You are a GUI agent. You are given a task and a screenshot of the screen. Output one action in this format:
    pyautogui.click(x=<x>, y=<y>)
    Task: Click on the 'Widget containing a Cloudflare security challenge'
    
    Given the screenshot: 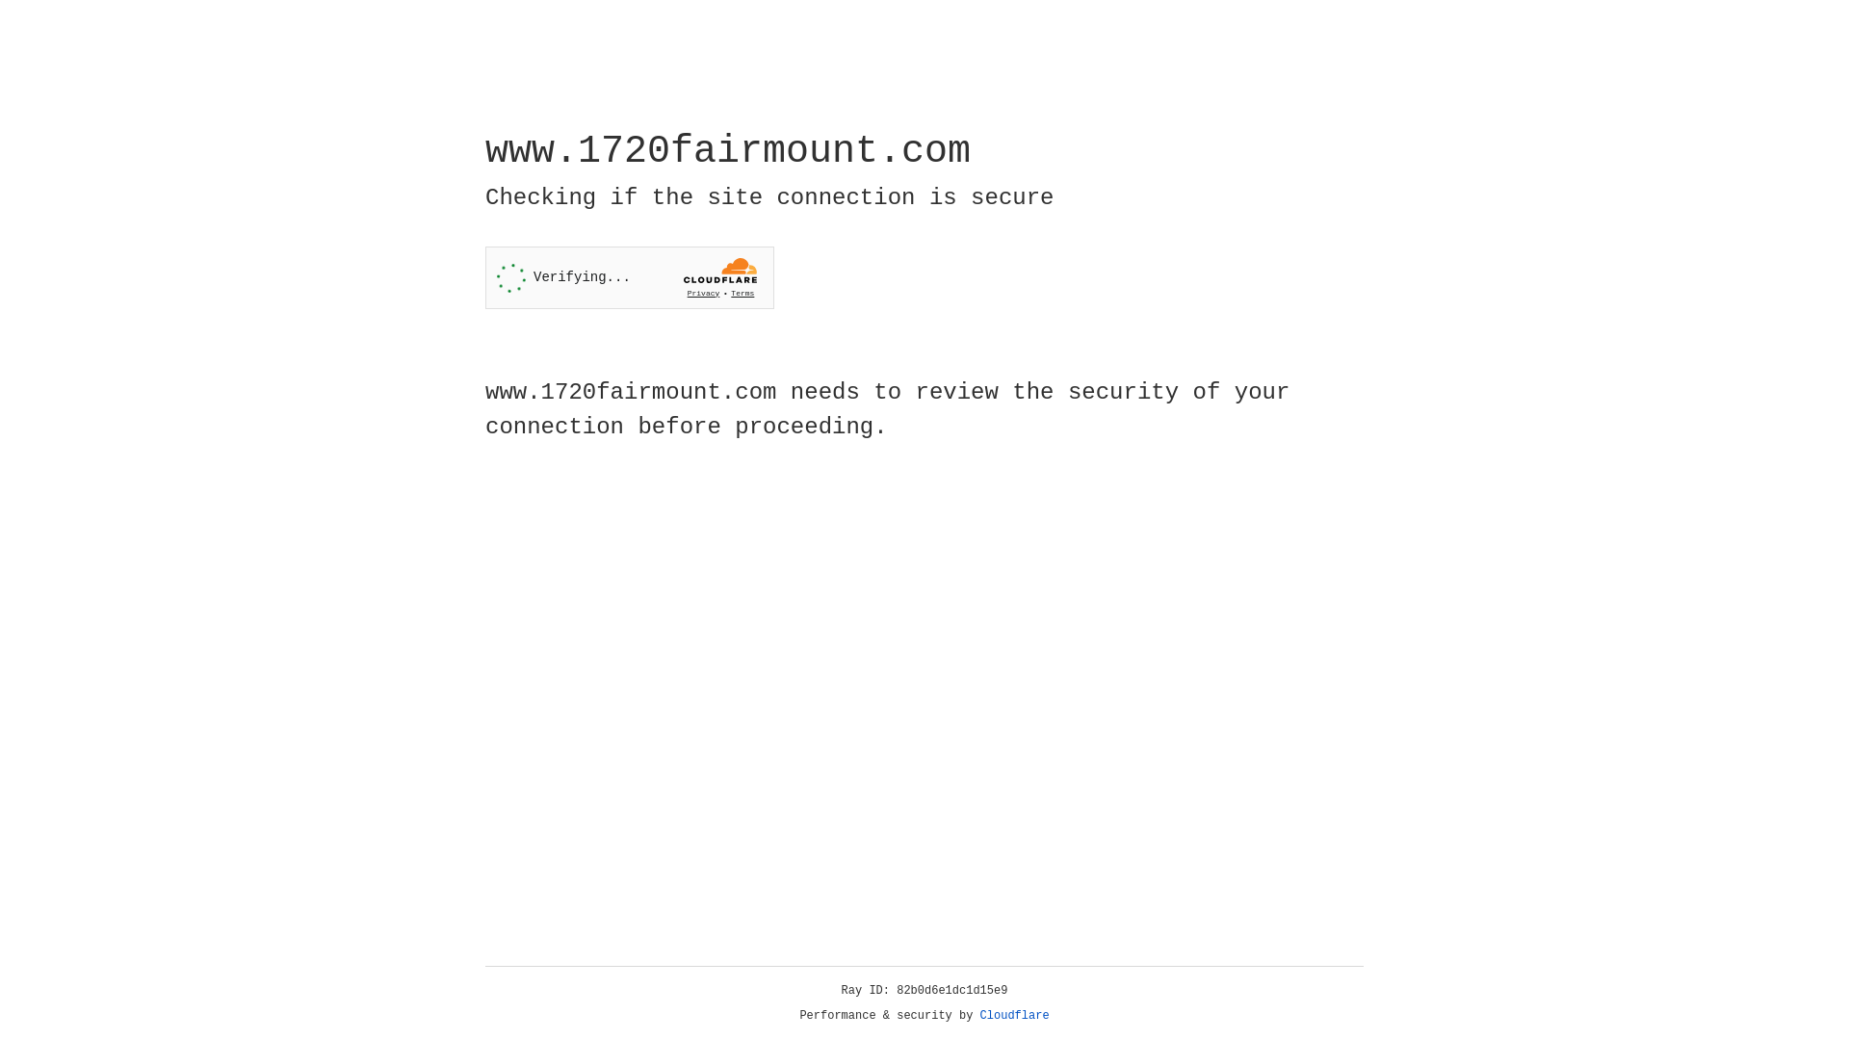 What is the action you would take?
    pyautogui.click(x=629, y=277)
    